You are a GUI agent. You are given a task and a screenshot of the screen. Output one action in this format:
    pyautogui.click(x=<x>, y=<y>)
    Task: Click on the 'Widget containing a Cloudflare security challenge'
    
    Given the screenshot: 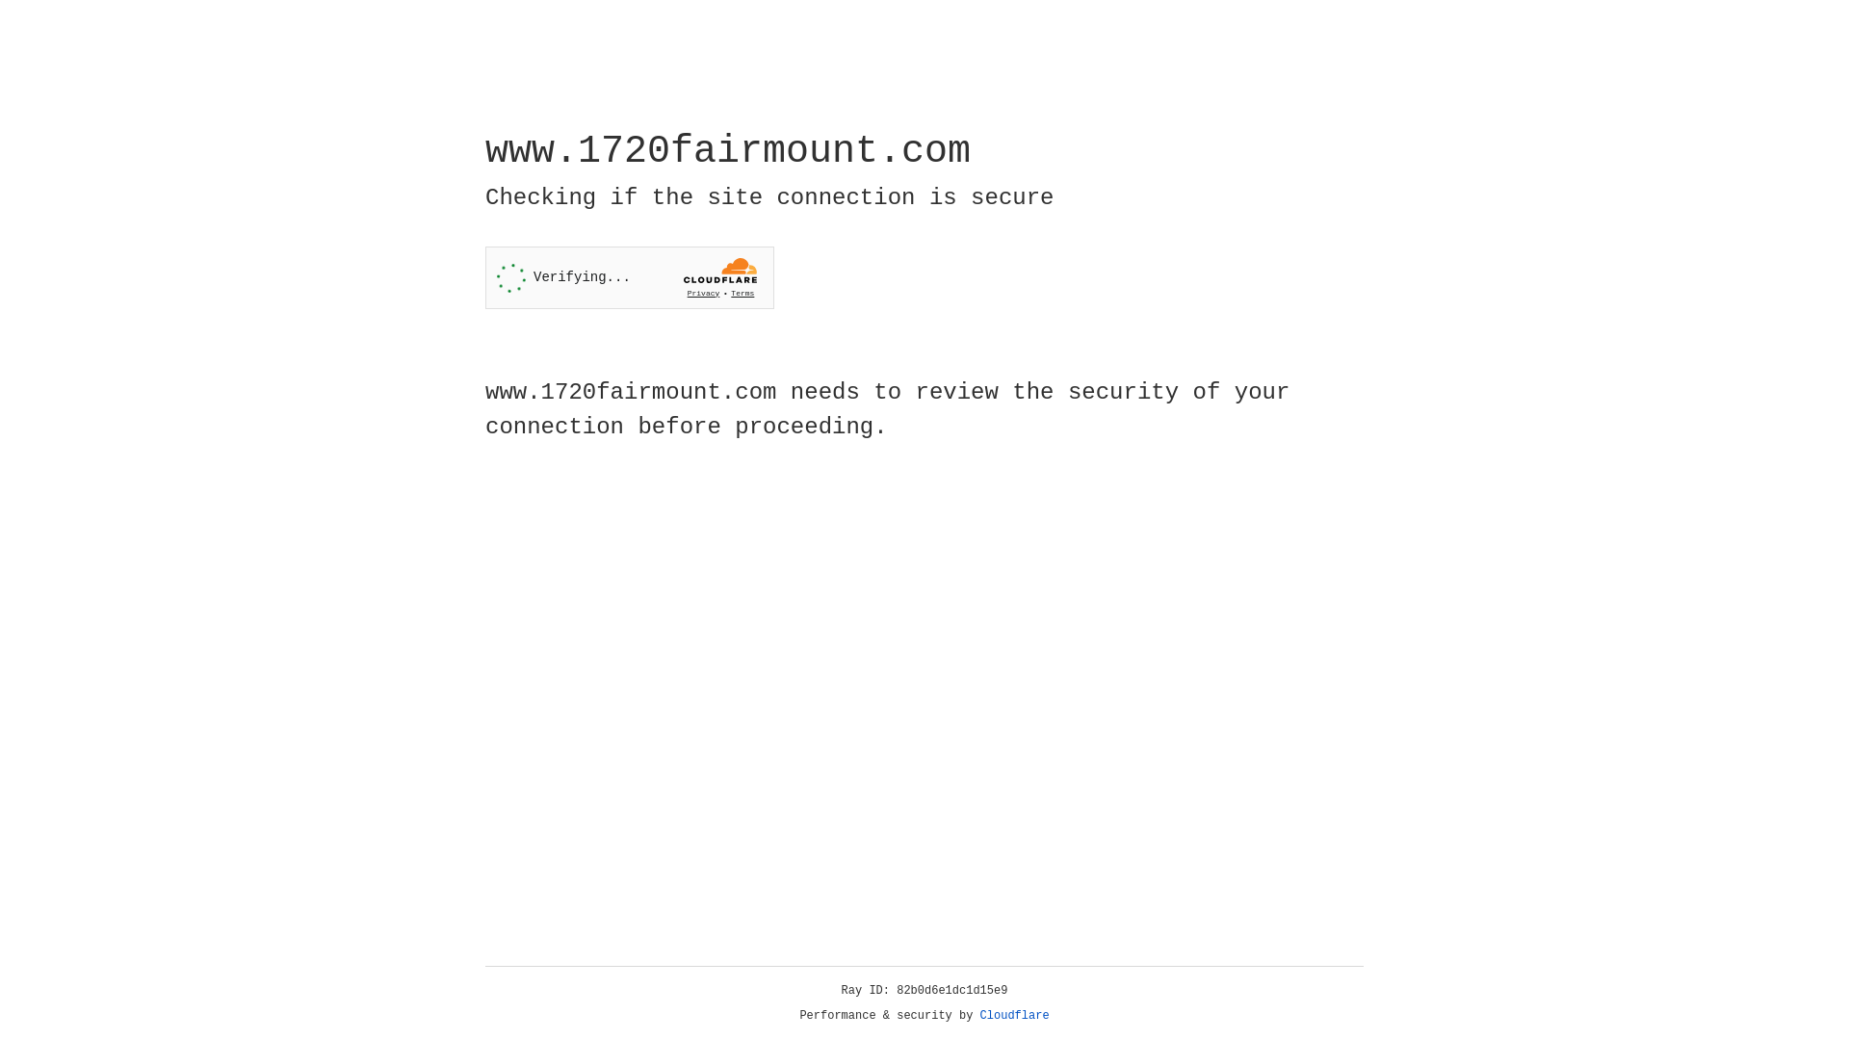 What is the action you would take?
    pyautogui.click(x=629, y=277)
    